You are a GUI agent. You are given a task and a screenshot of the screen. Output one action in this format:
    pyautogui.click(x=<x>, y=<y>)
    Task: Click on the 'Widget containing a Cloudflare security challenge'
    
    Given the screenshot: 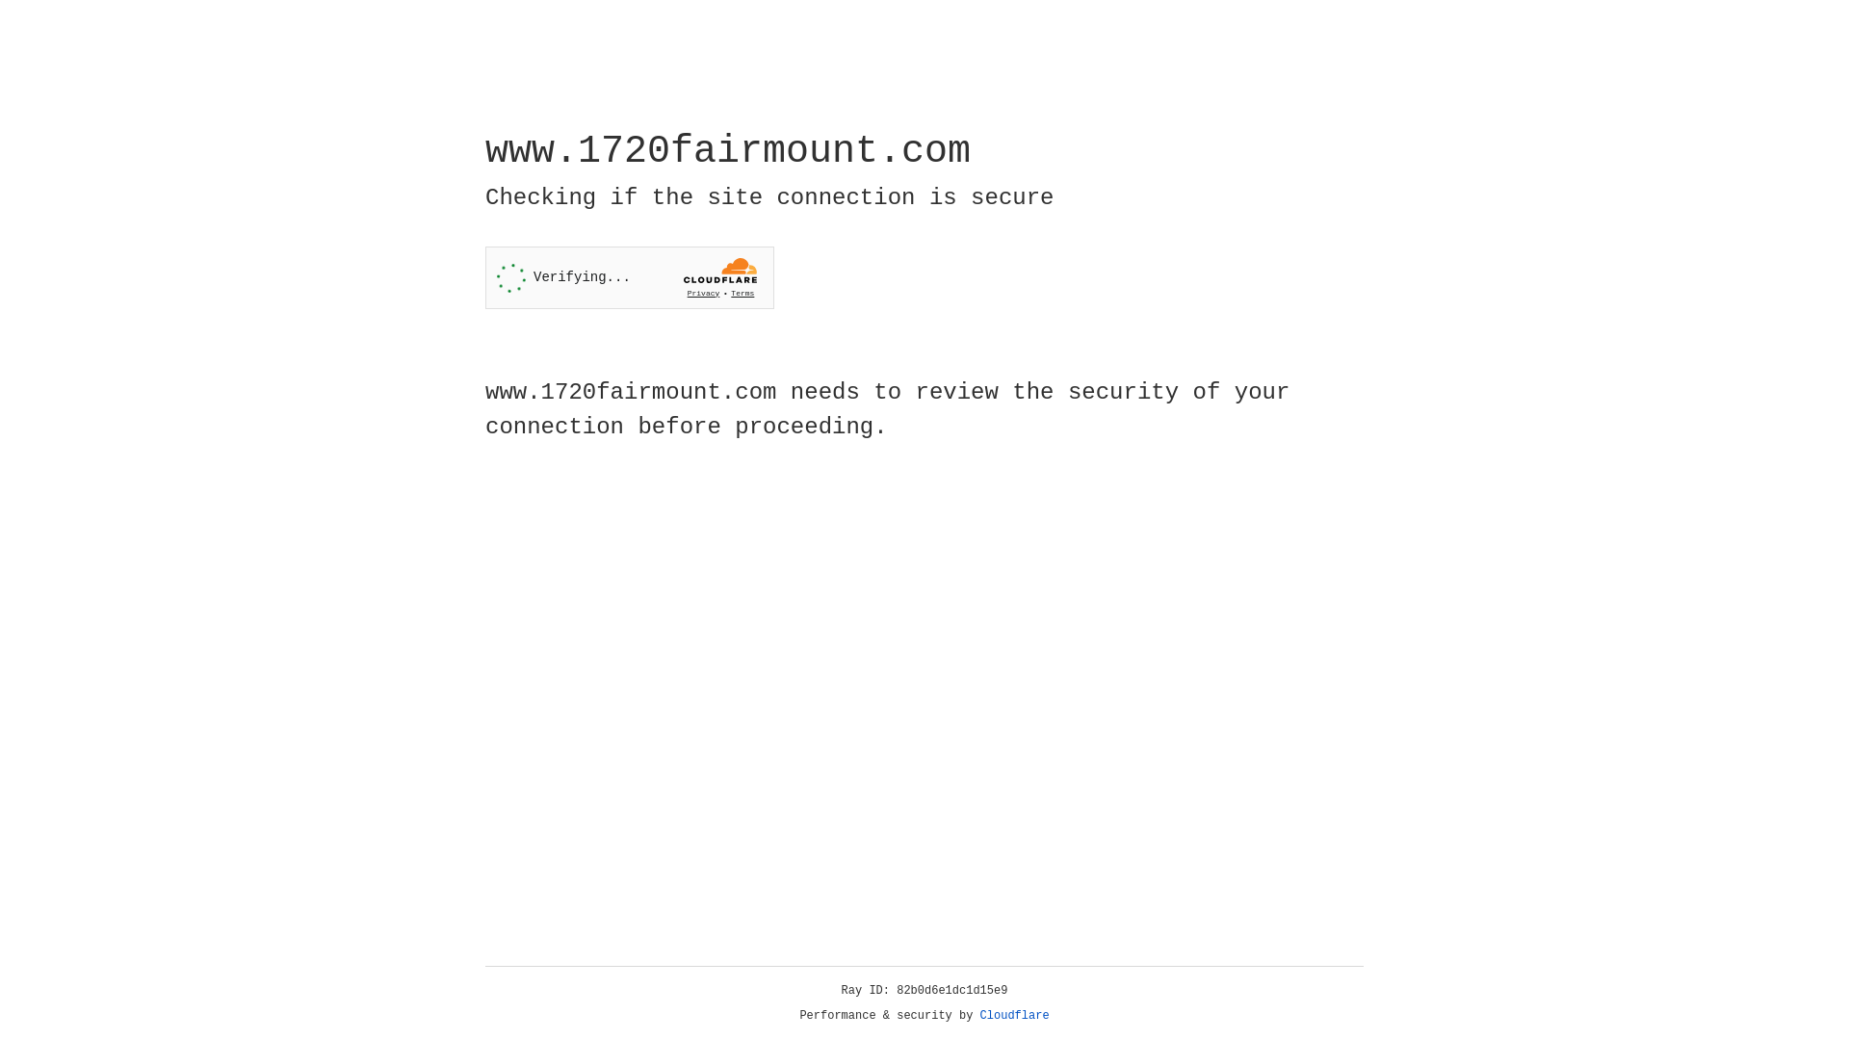 What is the action you would take?
    pyautogui.click(x=629, y=277)
    